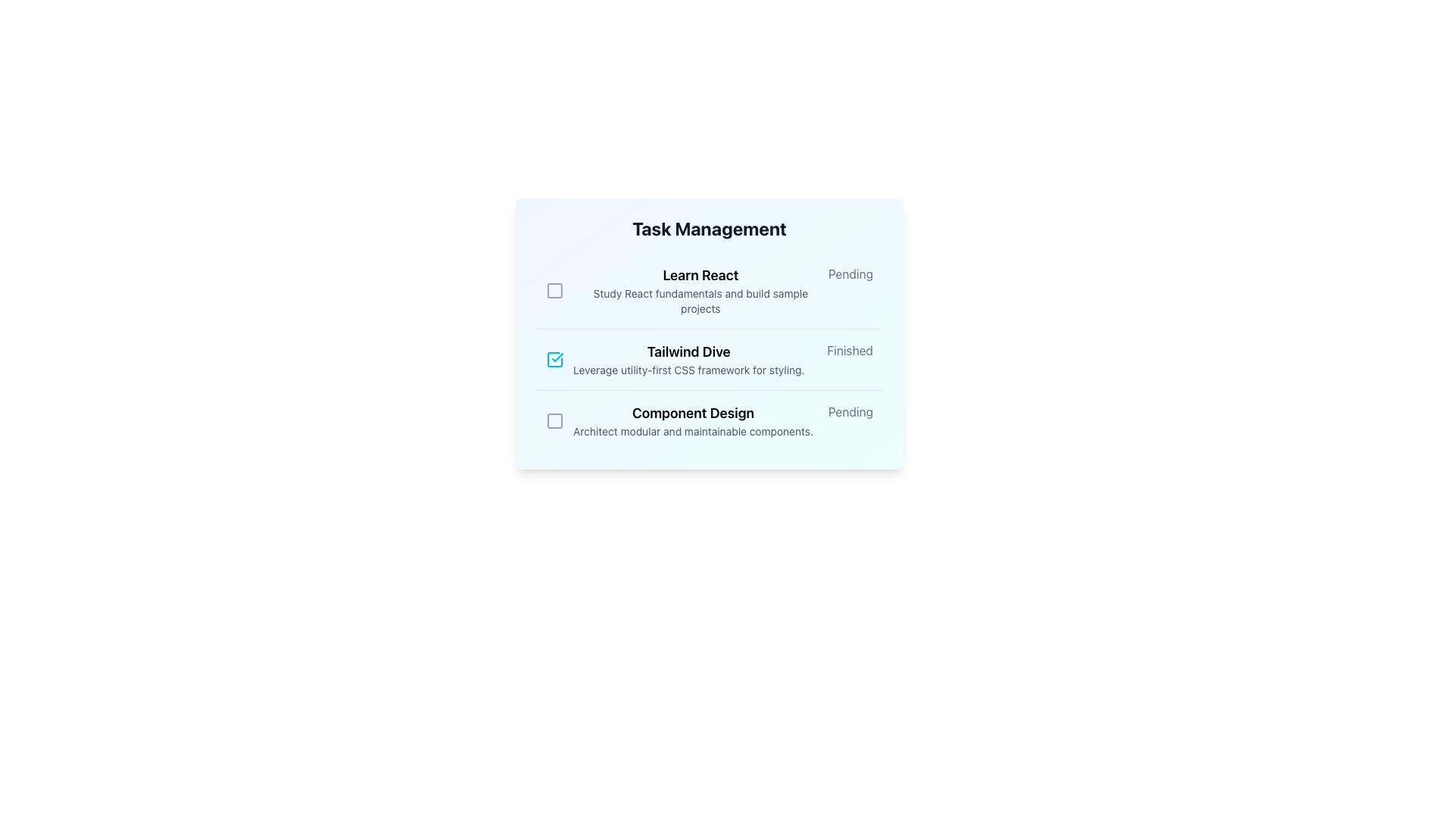 This screenshot has height=818, width=1454. I want to click on the descriptive text reading 'Leverage utility-first CSS framework for styling.' which is located directly below the bold title 'Tailwind Dive', so click(688, 370).